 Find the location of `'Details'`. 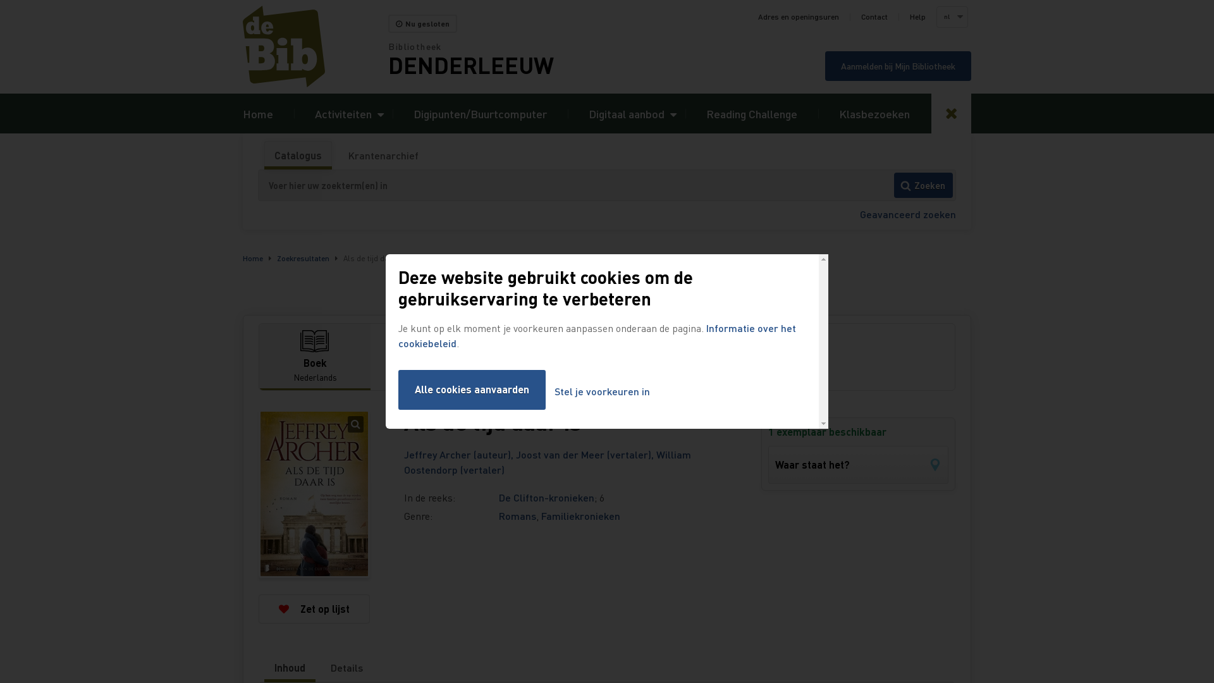

'Details' is located at coordinates (321, 667).